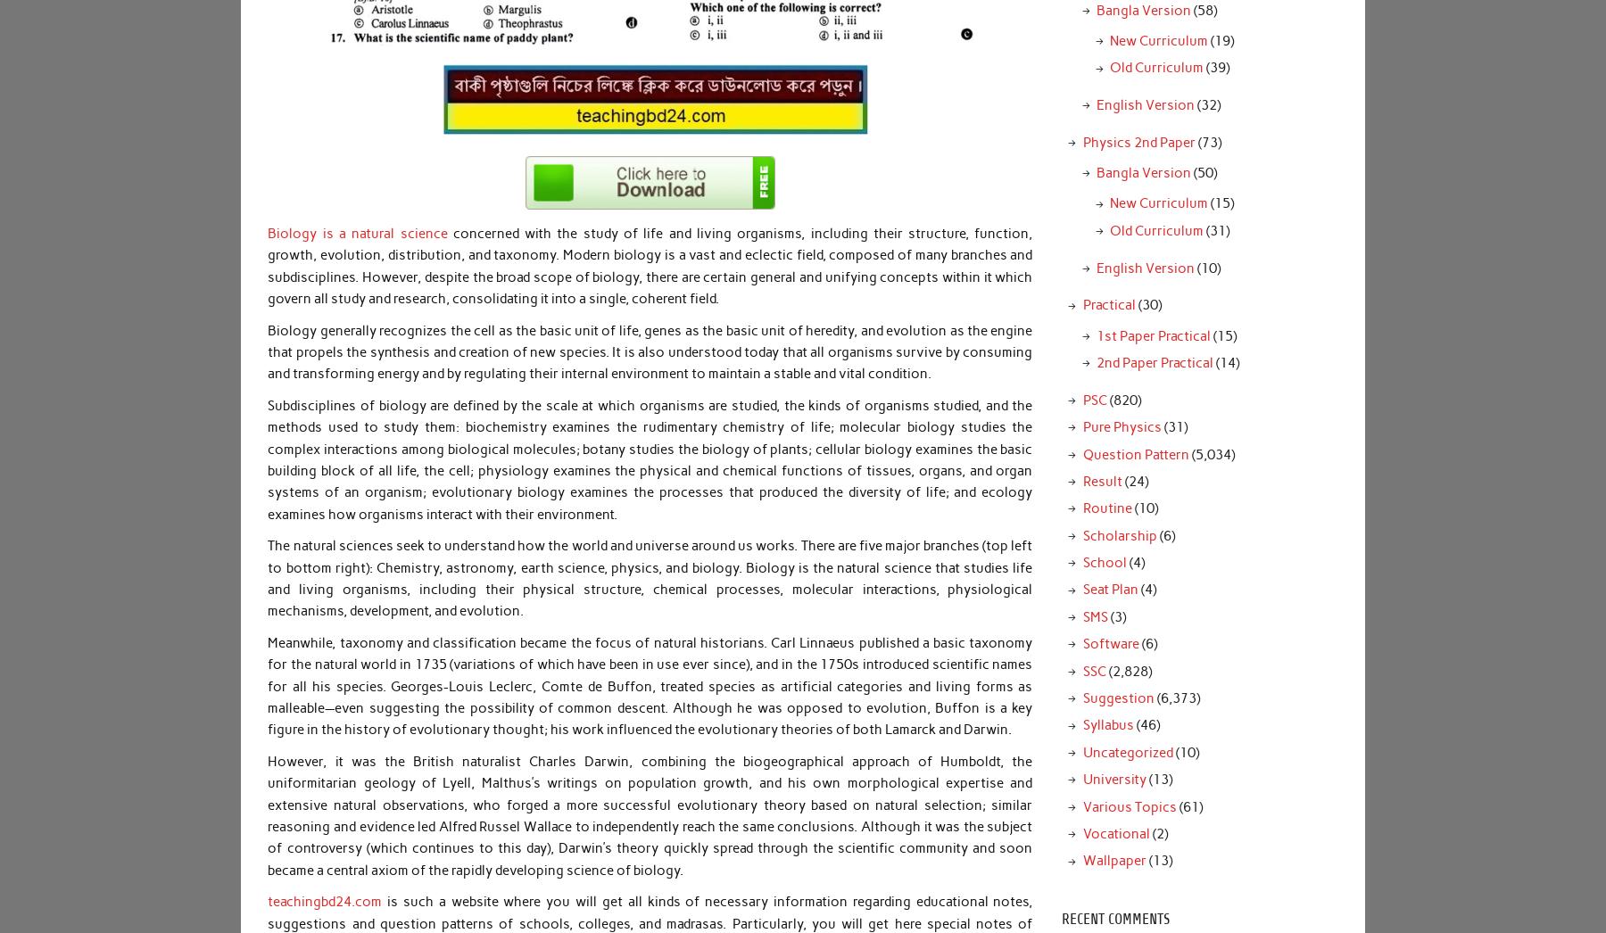 The height and width of the screenshot is (933, 1606). I want to click on 'Routine', so click(1081, 507).